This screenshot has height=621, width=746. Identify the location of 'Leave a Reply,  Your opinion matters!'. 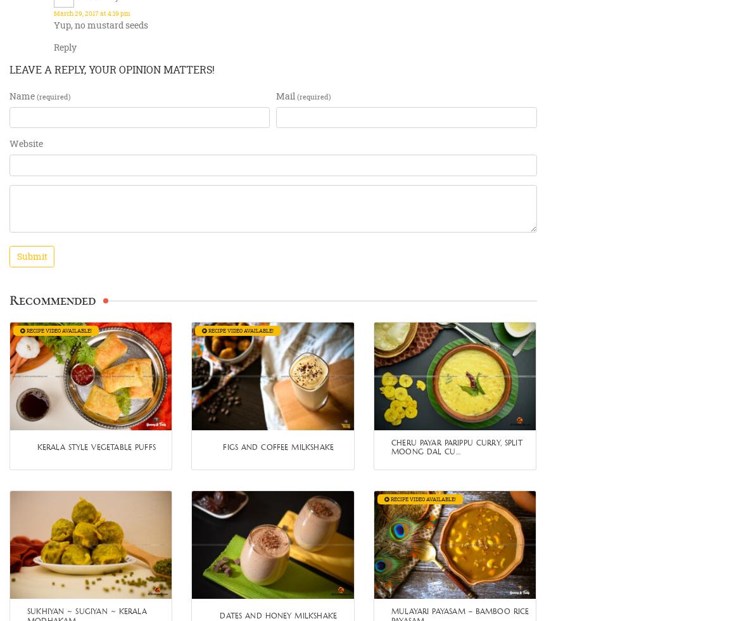
(111, 69).